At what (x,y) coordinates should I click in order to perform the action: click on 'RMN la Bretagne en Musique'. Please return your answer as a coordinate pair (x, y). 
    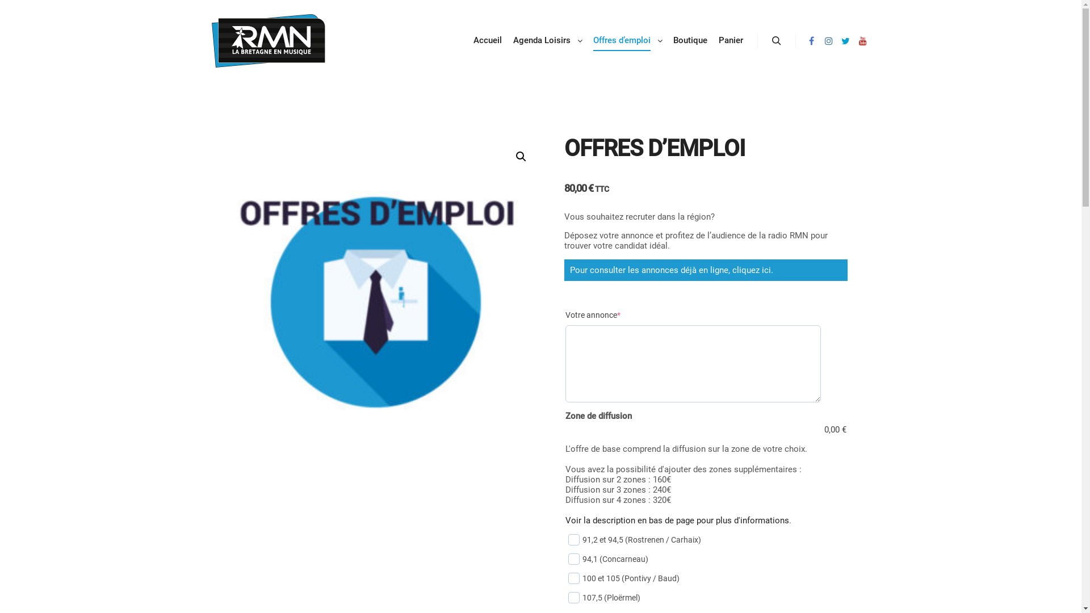
    Looking at the image, I should click on (267, 40).